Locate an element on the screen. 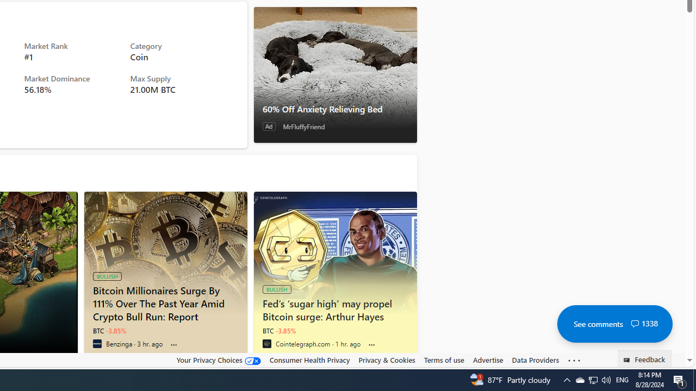 This screenshot has width=696, height=391. 'Your Privacy Choices' is located at coordinates (217, 360).